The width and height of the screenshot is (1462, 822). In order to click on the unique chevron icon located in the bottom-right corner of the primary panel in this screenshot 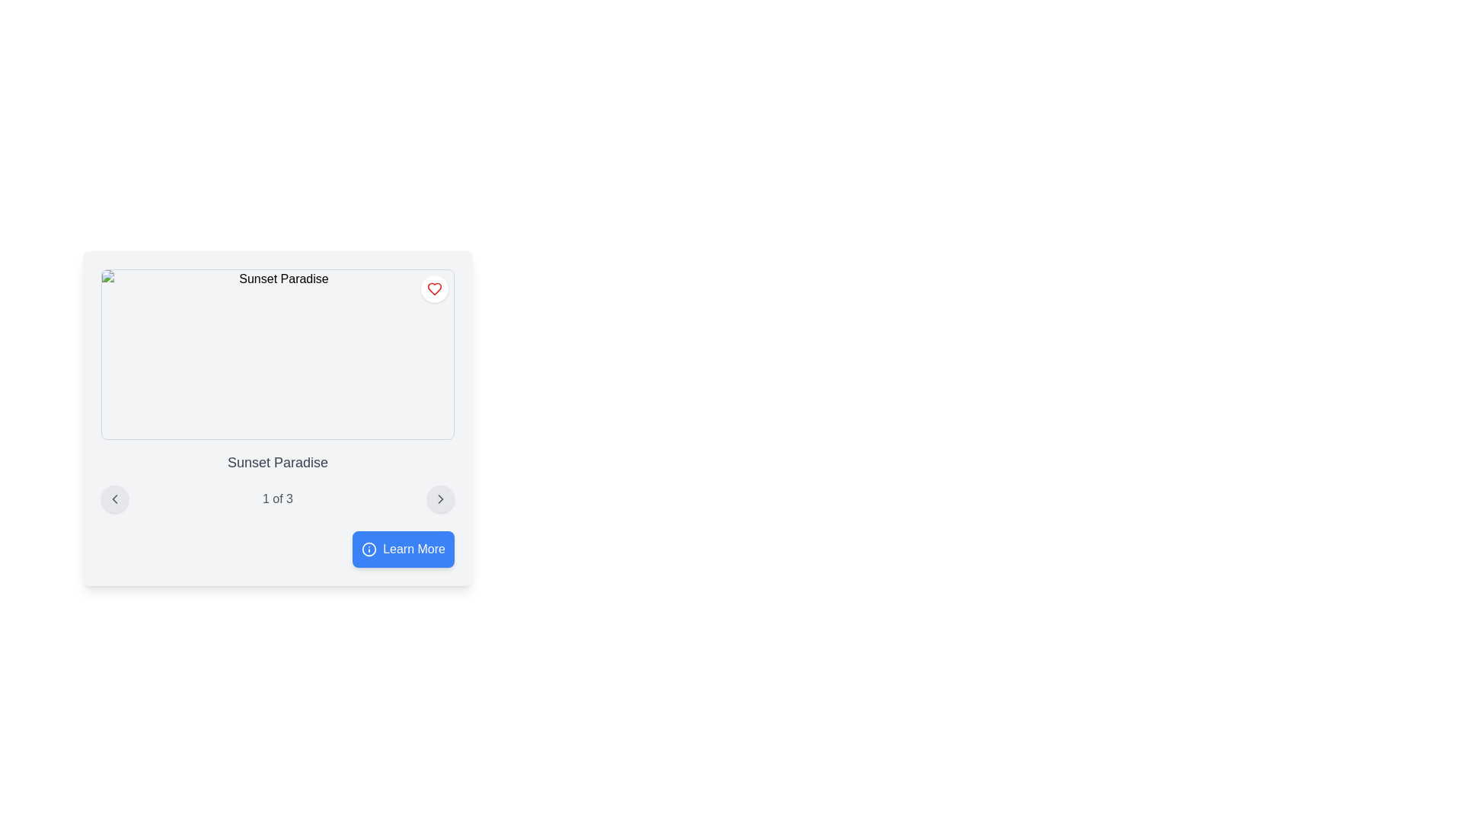, I will do `click(440, 499)`.